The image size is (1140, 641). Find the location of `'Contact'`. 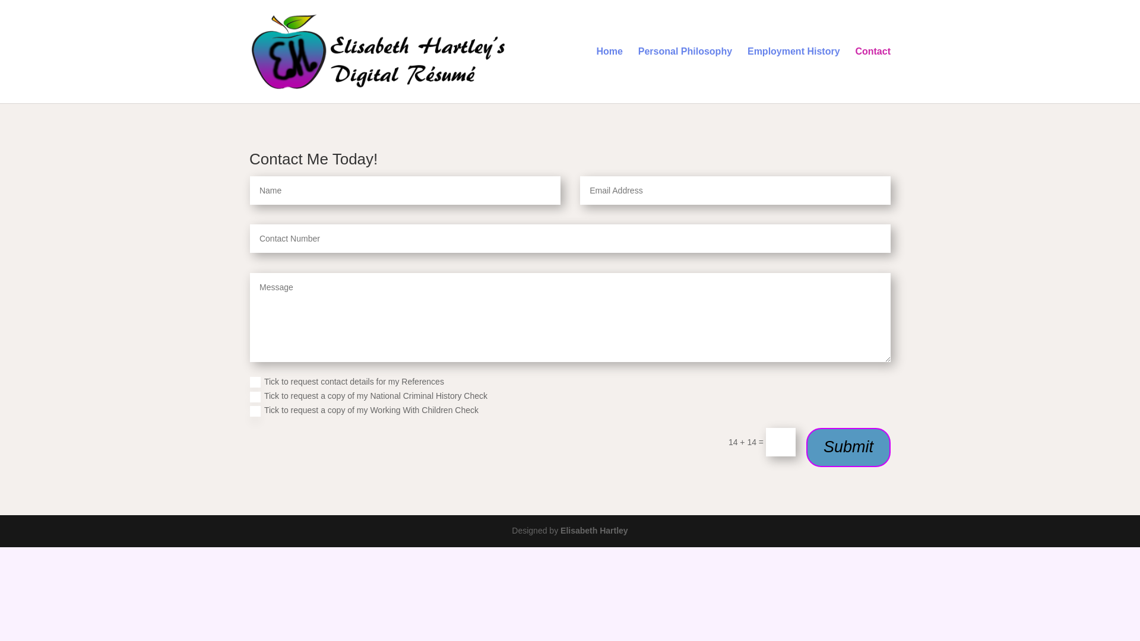

'Contact' is located at coordinates (872, 75).